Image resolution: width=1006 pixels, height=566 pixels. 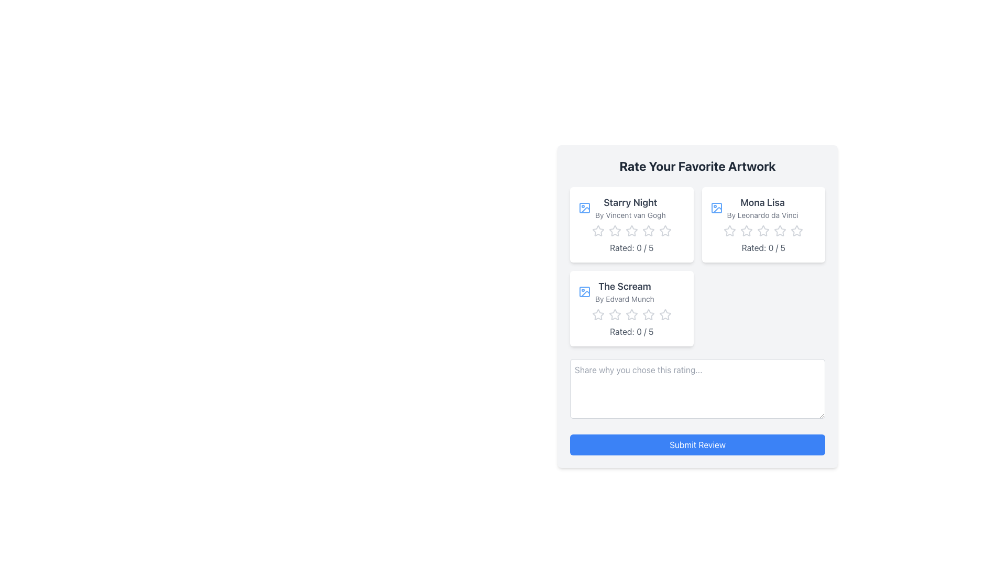 What do you see at coordinates (631, 314) in the screenshot?
I see `the first star icon for rating associated with 'The Scream' artwork` at bounding box center [631, 314].